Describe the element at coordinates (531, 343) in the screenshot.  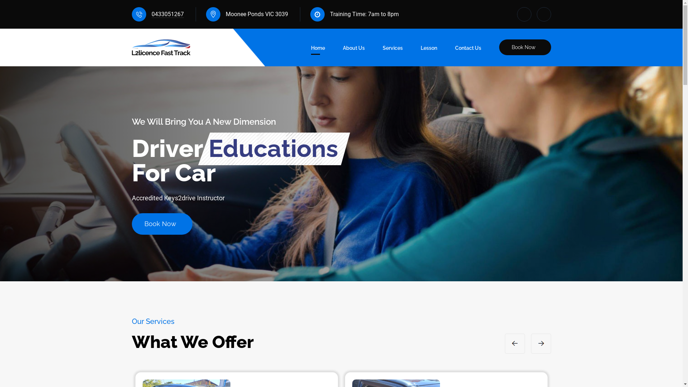
I see `'NEXT'` at that location.